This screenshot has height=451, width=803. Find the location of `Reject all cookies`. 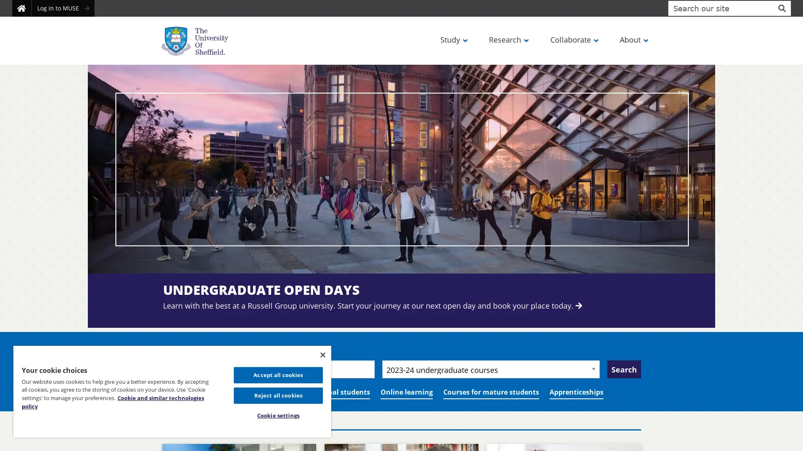

Reject all cookies is located at coordinates (278, 395).